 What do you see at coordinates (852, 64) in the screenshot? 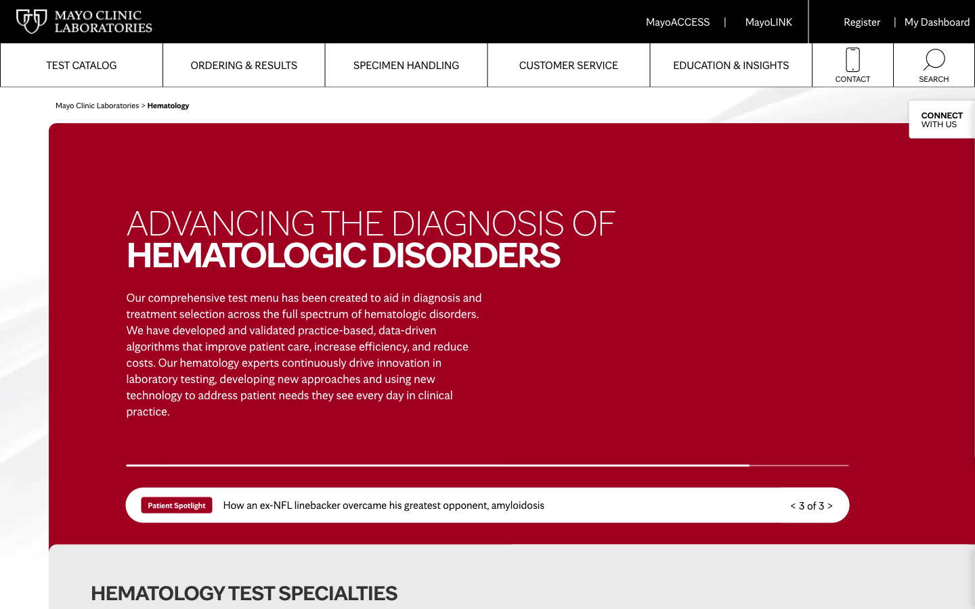
I see `Establish connection with labs of Mayoclinic` at bounding box center [852, 64].